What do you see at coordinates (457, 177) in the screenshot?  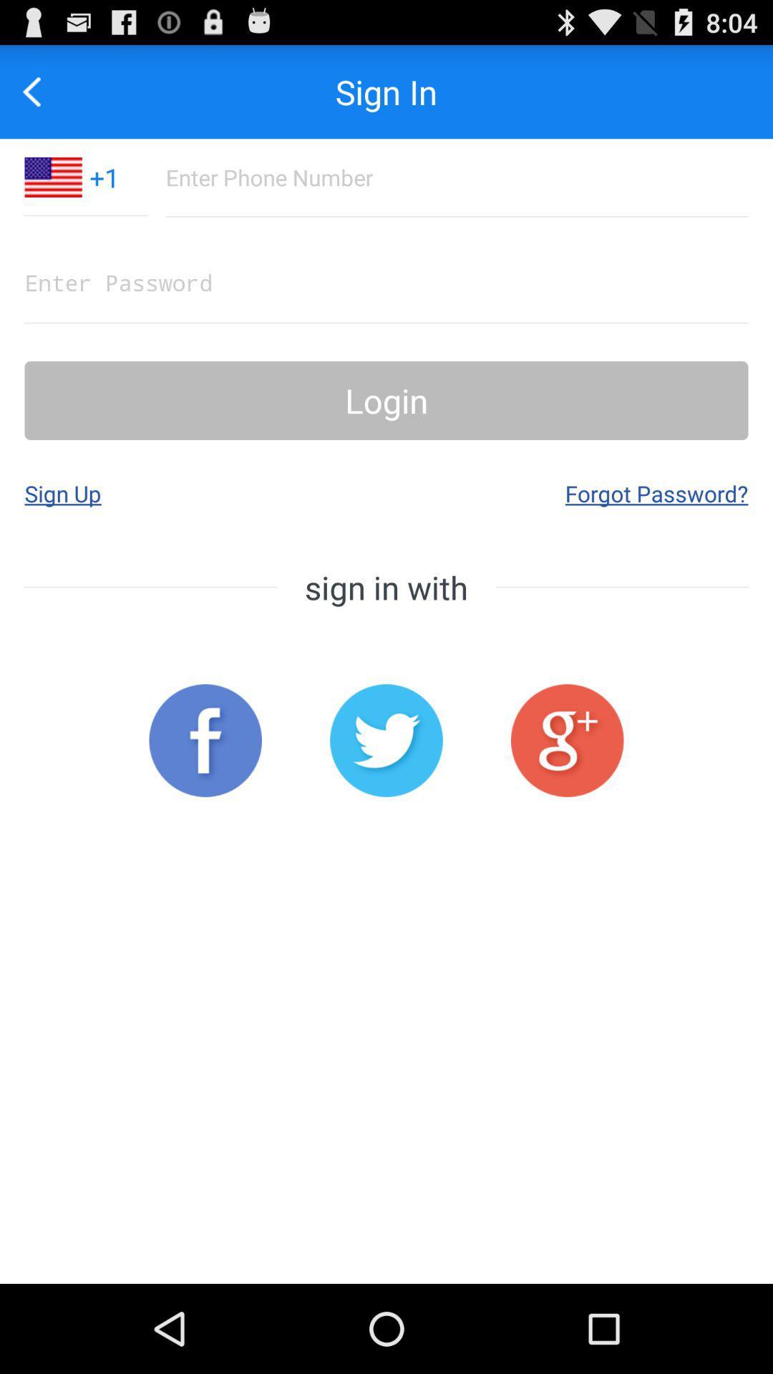 I see `type phone number` at bounding box center [457, 177].